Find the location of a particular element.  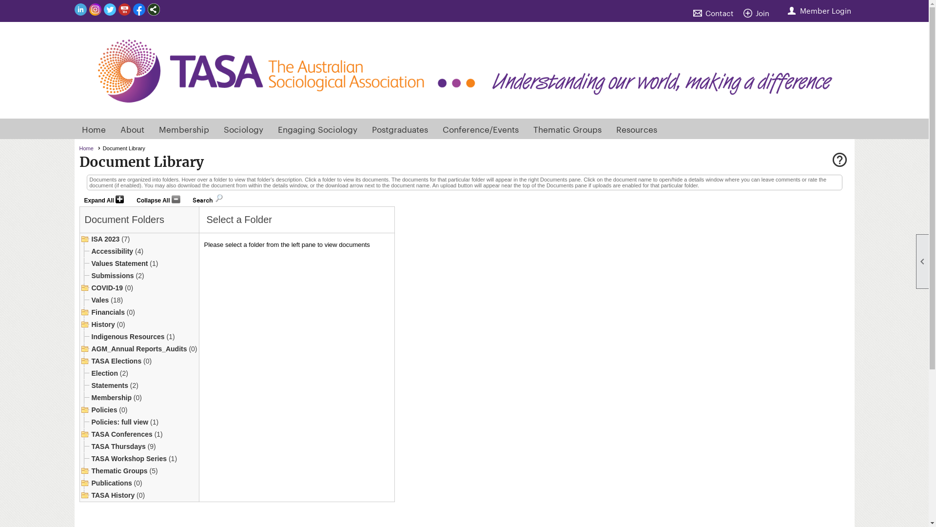

'Home' is located at coordinates (94, 128).